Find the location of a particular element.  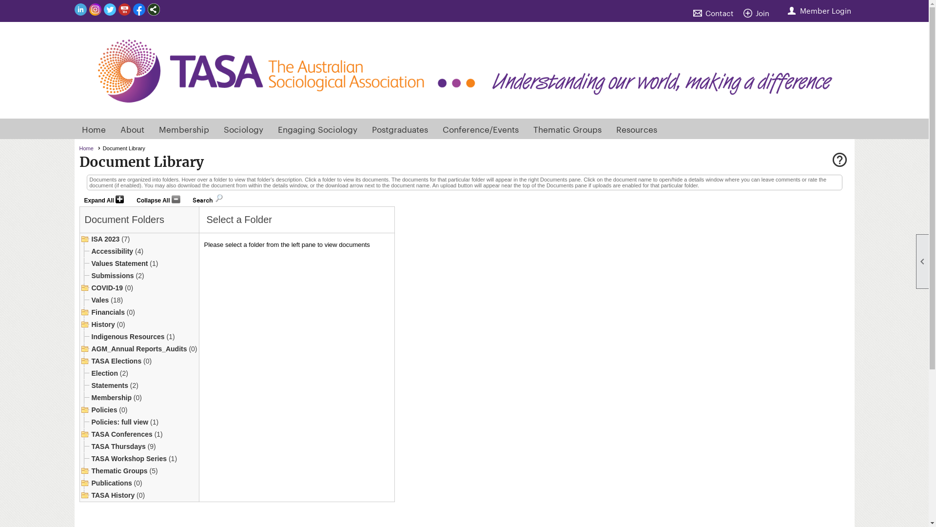

'Home' is located at coordinates (94, 128).